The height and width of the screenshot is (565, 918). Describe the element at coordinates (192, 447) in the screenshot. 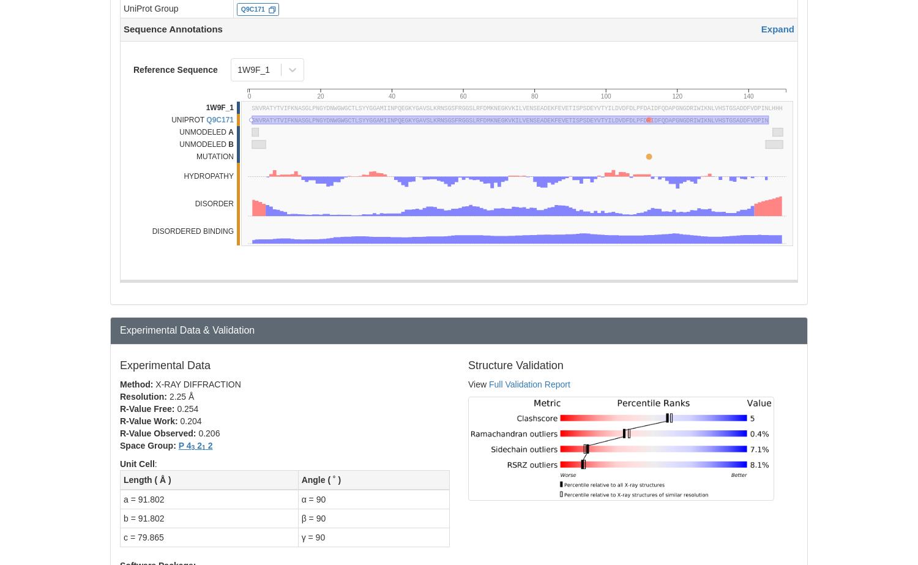

I see `'3'` at that location.